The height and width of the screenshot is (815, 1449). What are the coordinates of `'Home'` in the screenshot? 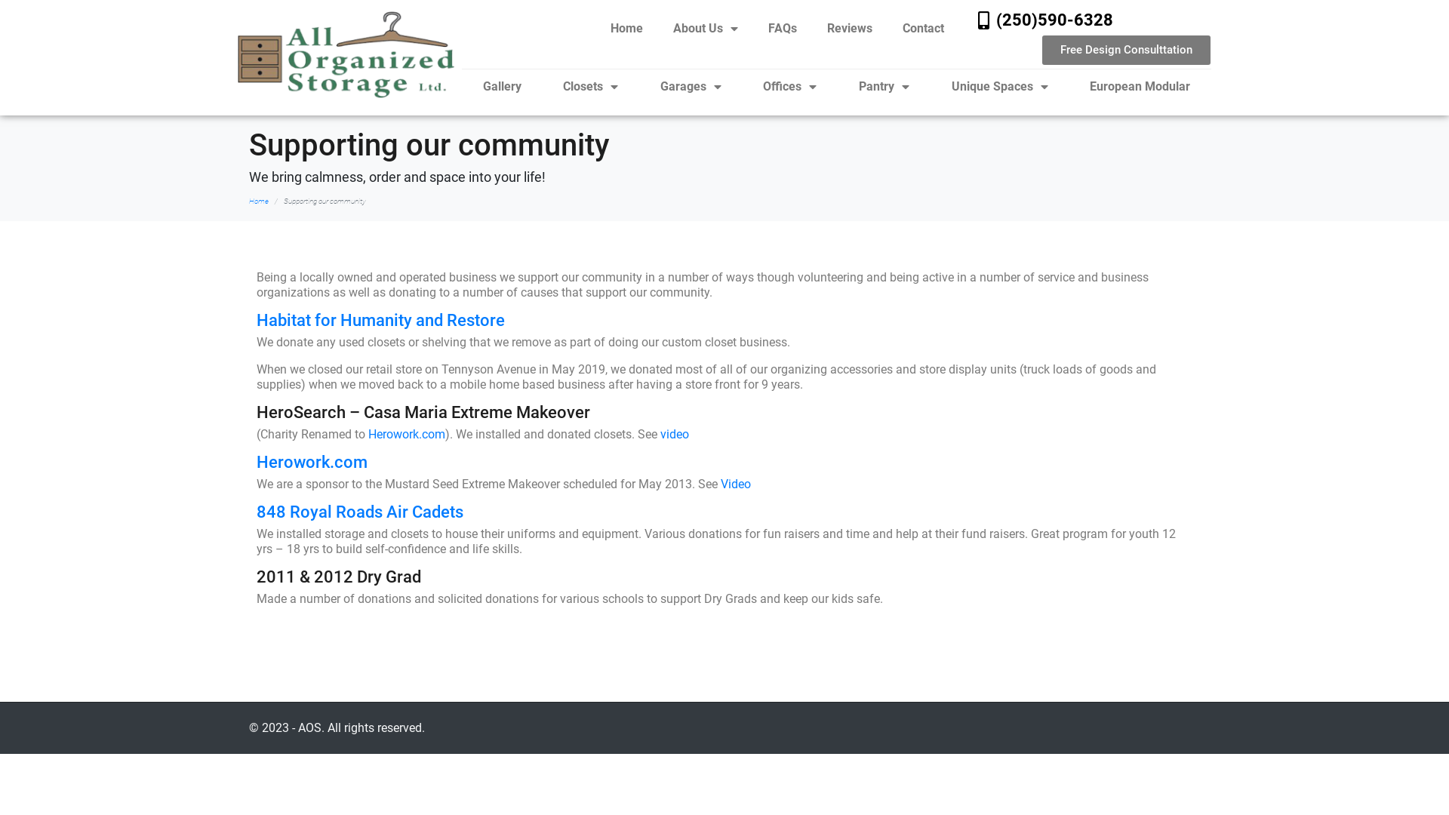 It's located at (626, 29).